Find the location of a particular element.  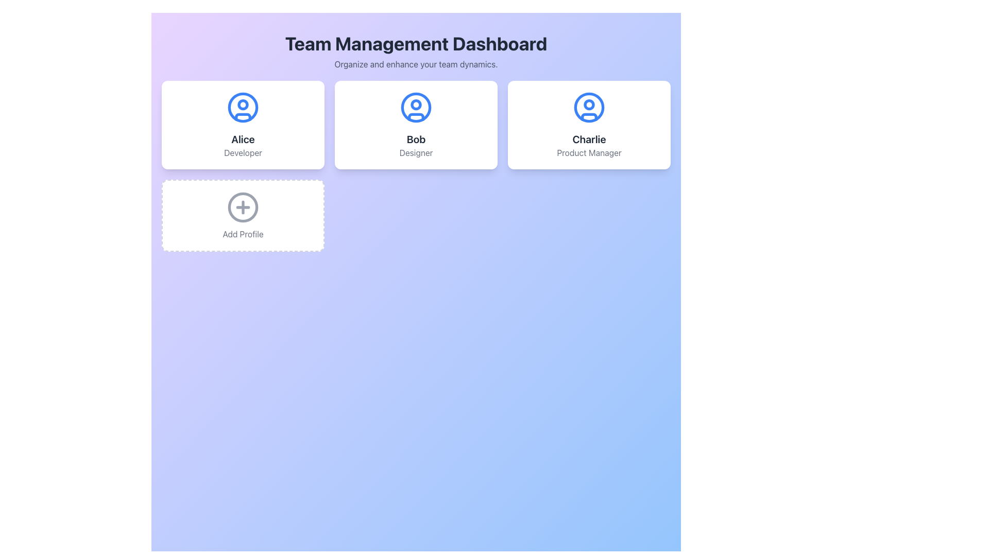

the circular gray outlined Icon Button with a plus sign in the center located within the 'Add Profile' card is located at coordinates (242, 207).